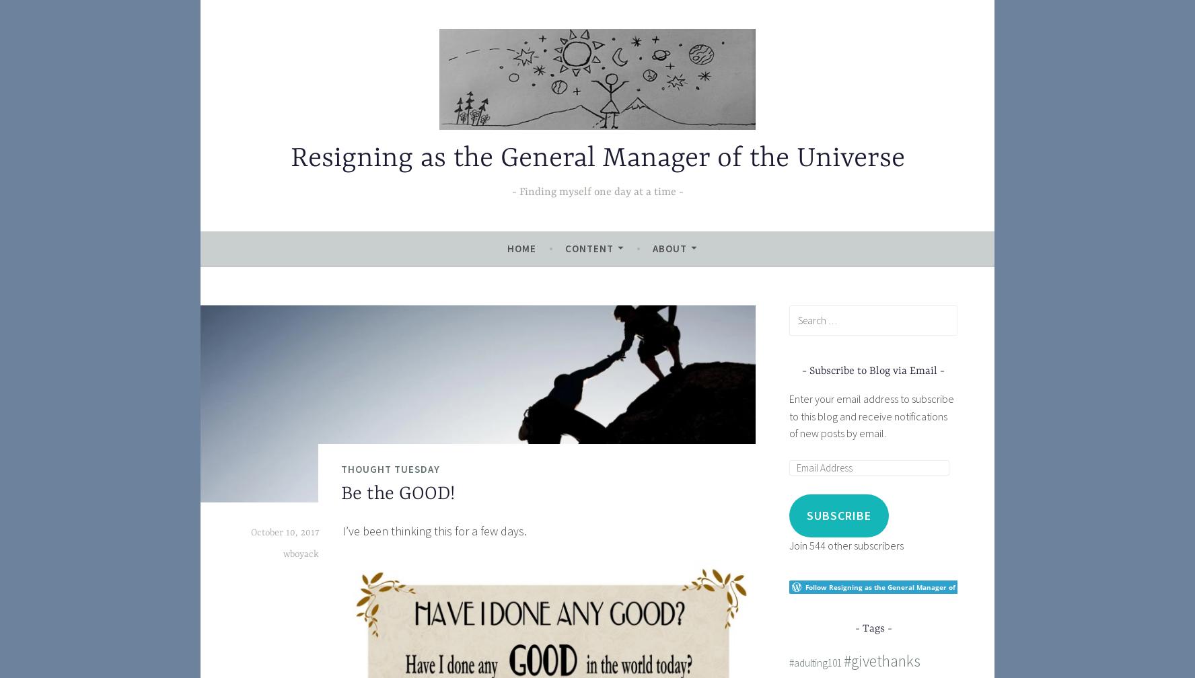  I want to click on 'Finding myself one day at a time', so click(597, 192).